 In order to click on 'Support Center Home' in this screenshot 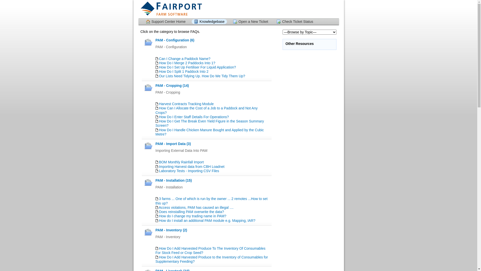, I will do `click(143, 21)`.